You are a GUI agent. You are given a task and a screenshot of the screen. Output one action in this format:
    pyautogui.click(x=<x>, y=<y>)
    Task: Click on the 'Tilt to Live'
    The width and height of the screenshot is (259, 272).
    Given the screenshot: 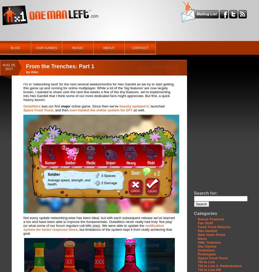 What is the action you would take?
    pyautogui.click(x=206, y=262)
    